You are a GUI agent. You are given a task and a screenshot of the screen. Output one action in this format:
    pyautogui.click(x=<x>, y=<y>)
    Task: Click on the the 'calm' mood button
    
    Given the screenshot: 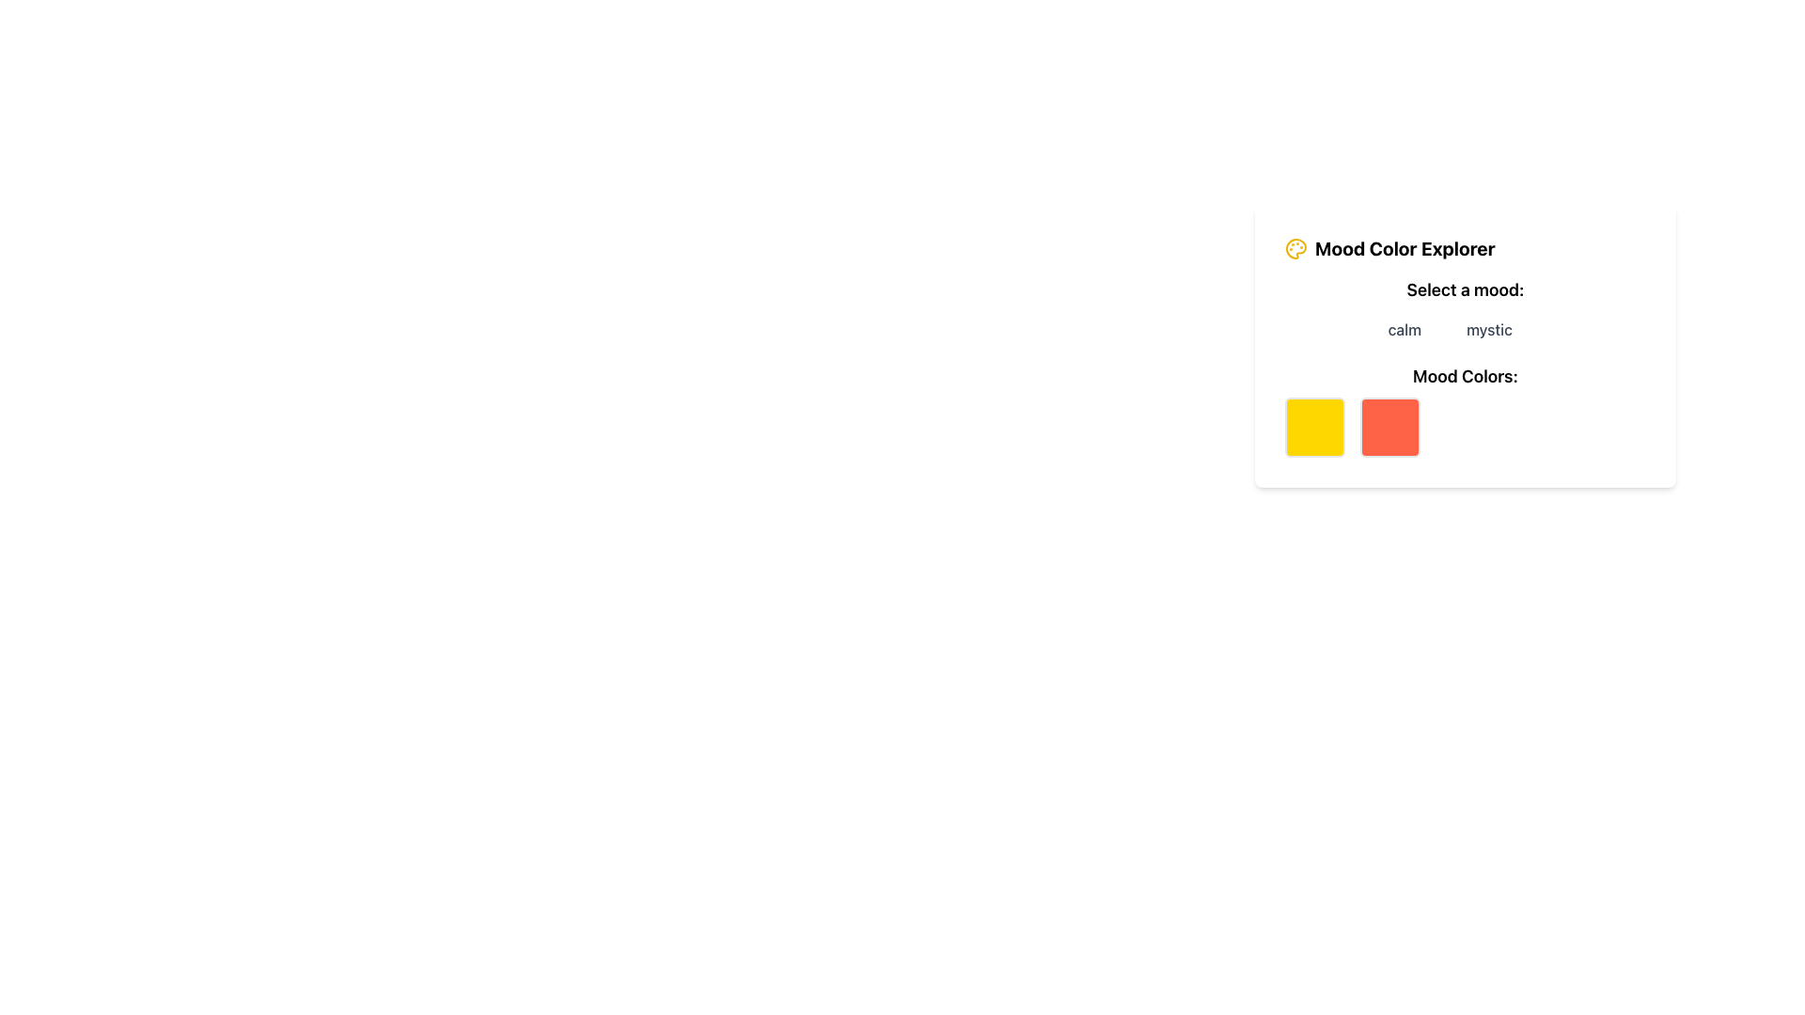 What is the action you would take?
    pyautogui.click(x=1405, y=329)
    